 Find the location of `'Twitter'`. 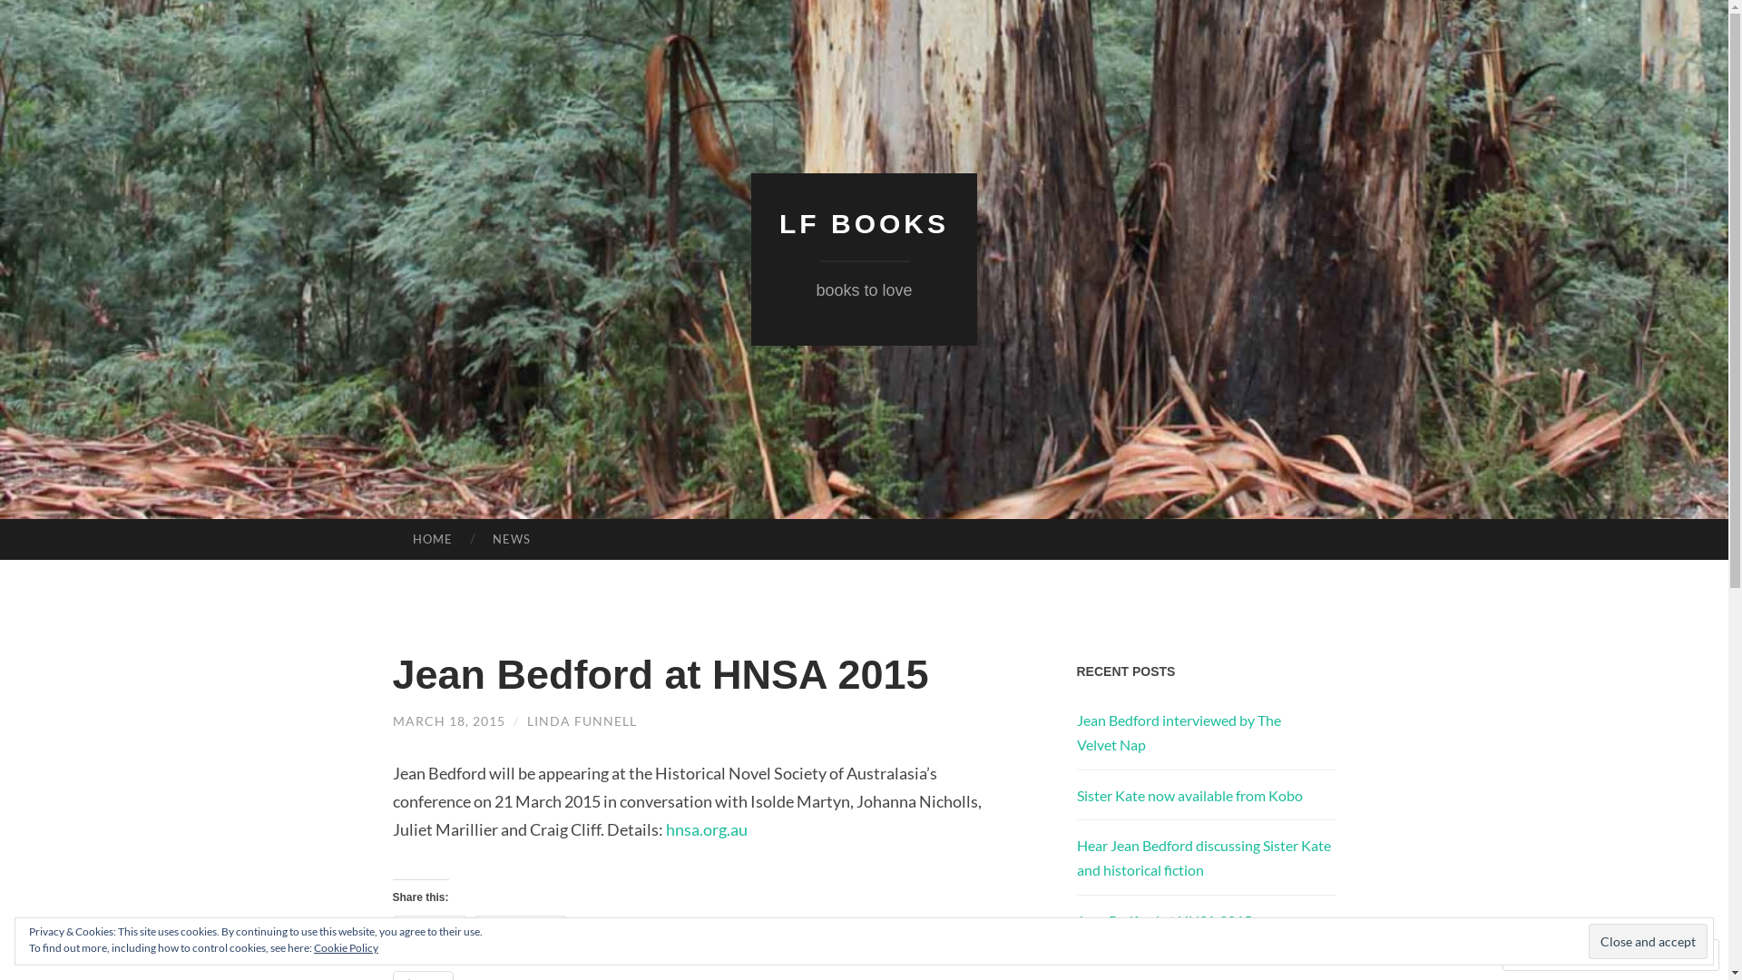

'Twitter' is located at coordinates (428, 930).